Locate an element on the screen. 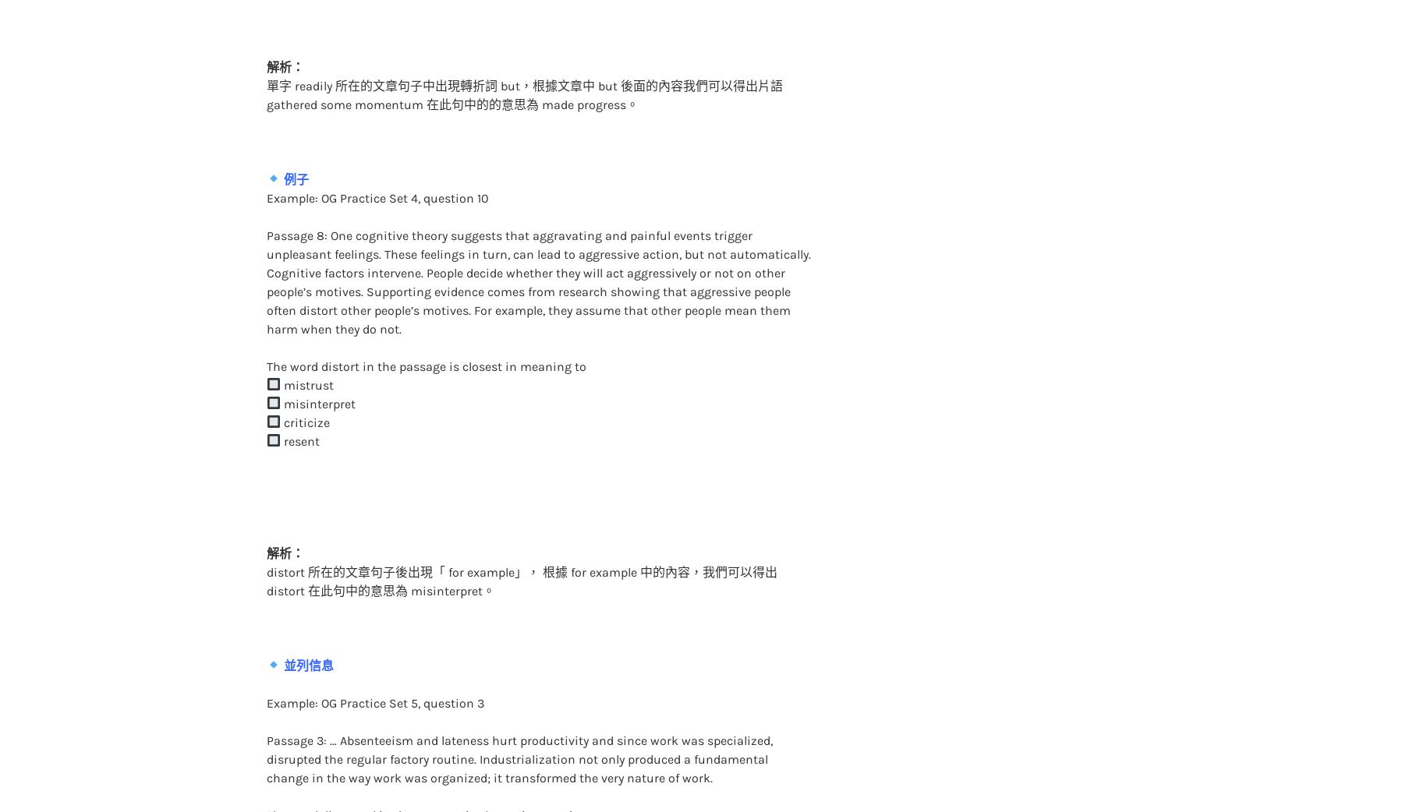  'misinterpret' is located at coordinates (316, 372).